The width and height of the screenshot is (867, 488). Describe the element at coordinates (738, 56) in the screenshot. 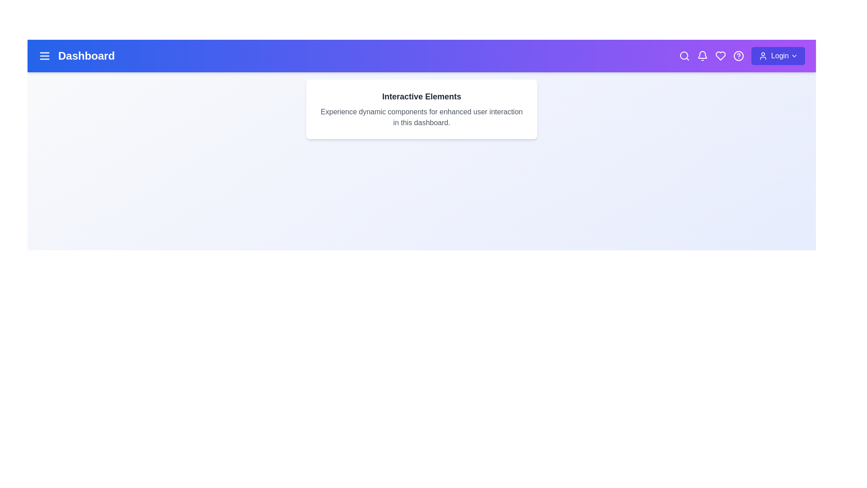

I see `the help icon to access assistance` at that location.